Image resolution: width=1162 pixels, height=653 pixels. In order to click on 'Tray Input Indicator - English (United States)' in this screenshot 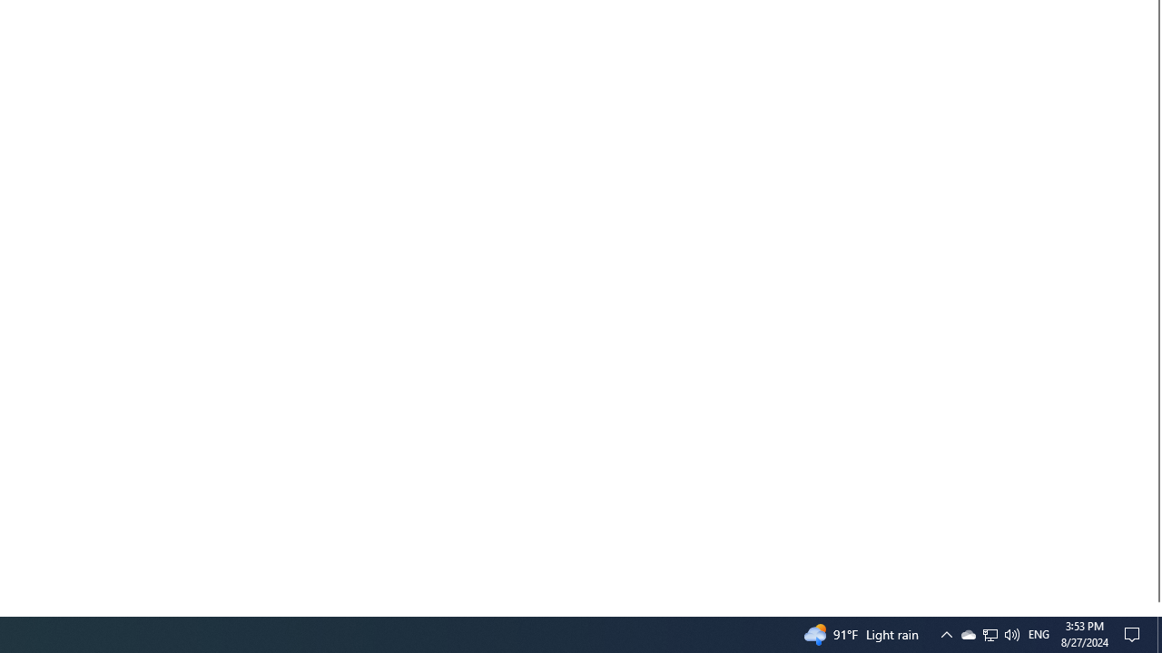, I will do `click(1039, 633)`.